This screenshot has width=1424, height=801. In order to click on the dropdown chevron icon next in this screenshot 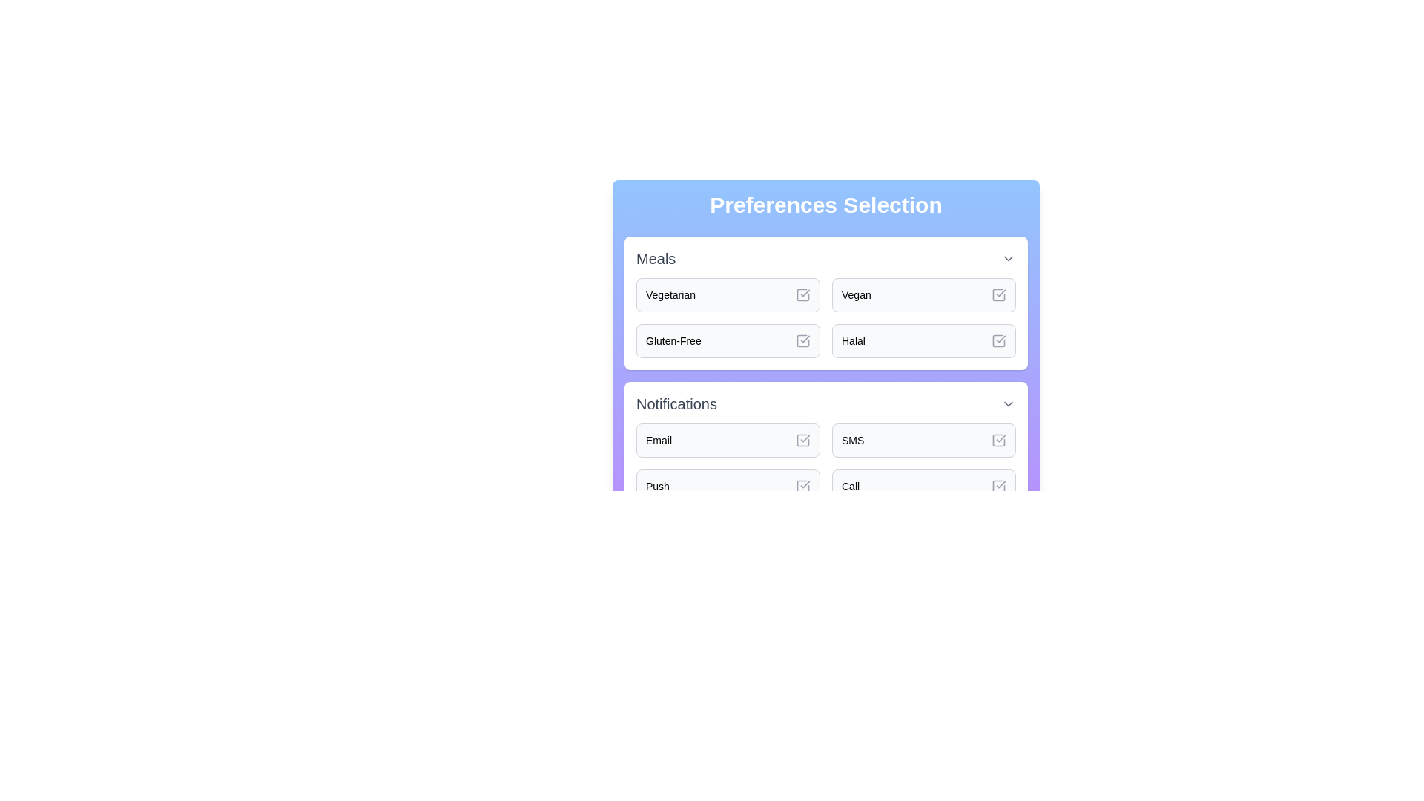, I will do `click(825, 403)`.